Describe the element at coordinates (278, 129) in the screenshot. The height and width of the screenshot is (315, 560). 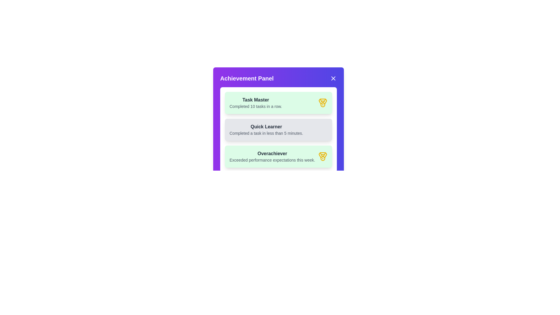
I see `text content of the 'Quick Learner' information card, which has a light gray background and contains the title 'Quick Learner' and description 'Completed a task in less than 5 minutes.'` at that location.